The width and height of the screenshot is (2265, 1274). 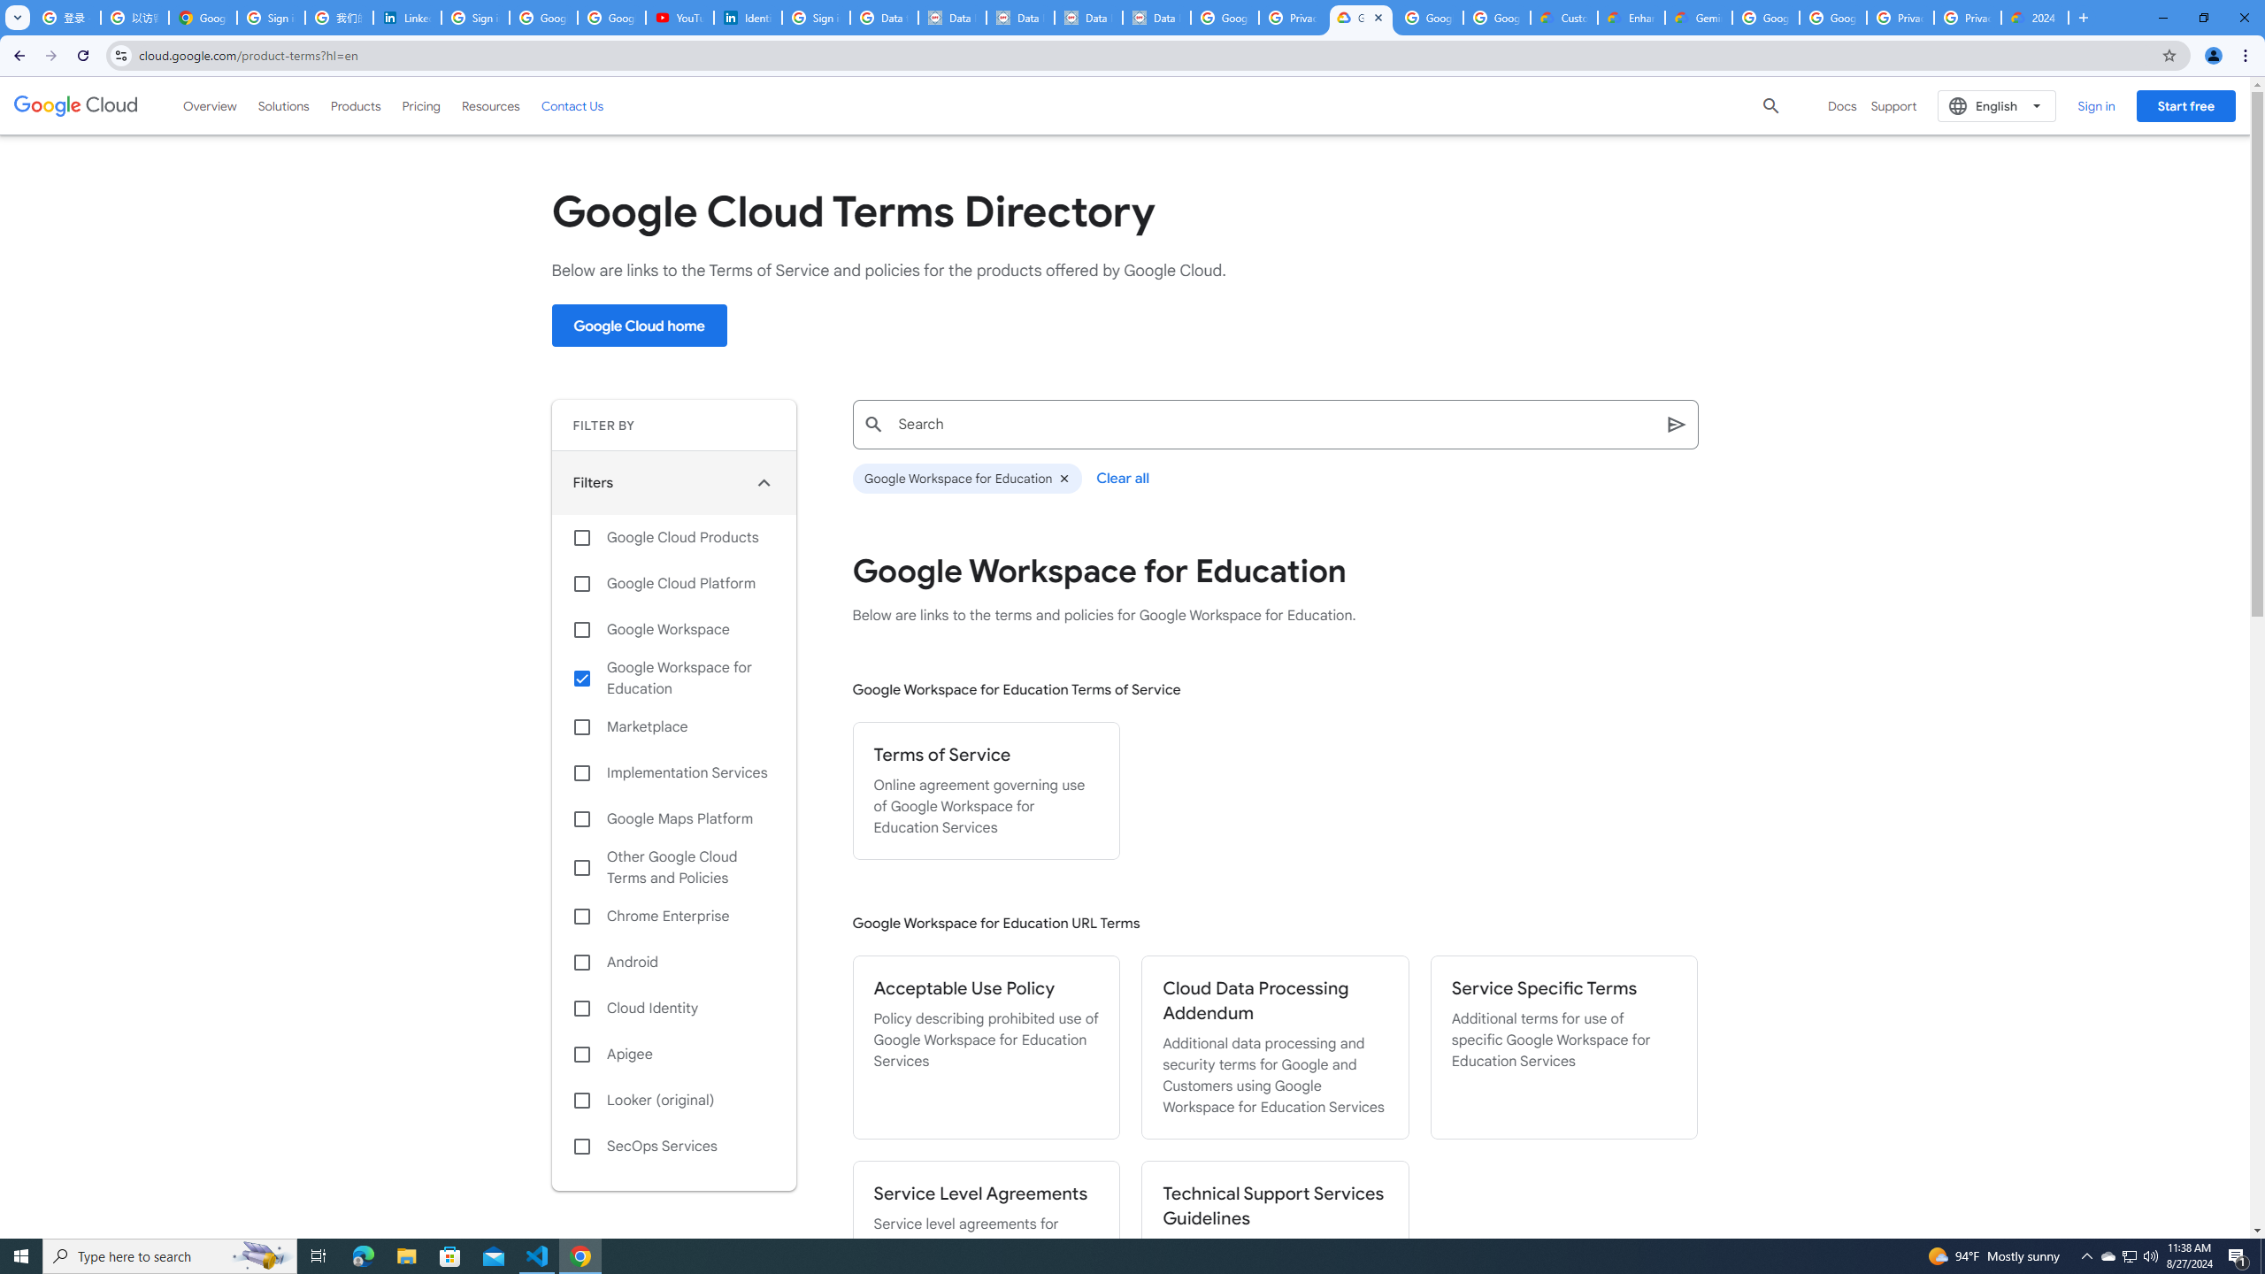 I want to click on 'Google Workspace for Education', so click(x=673, y=677).